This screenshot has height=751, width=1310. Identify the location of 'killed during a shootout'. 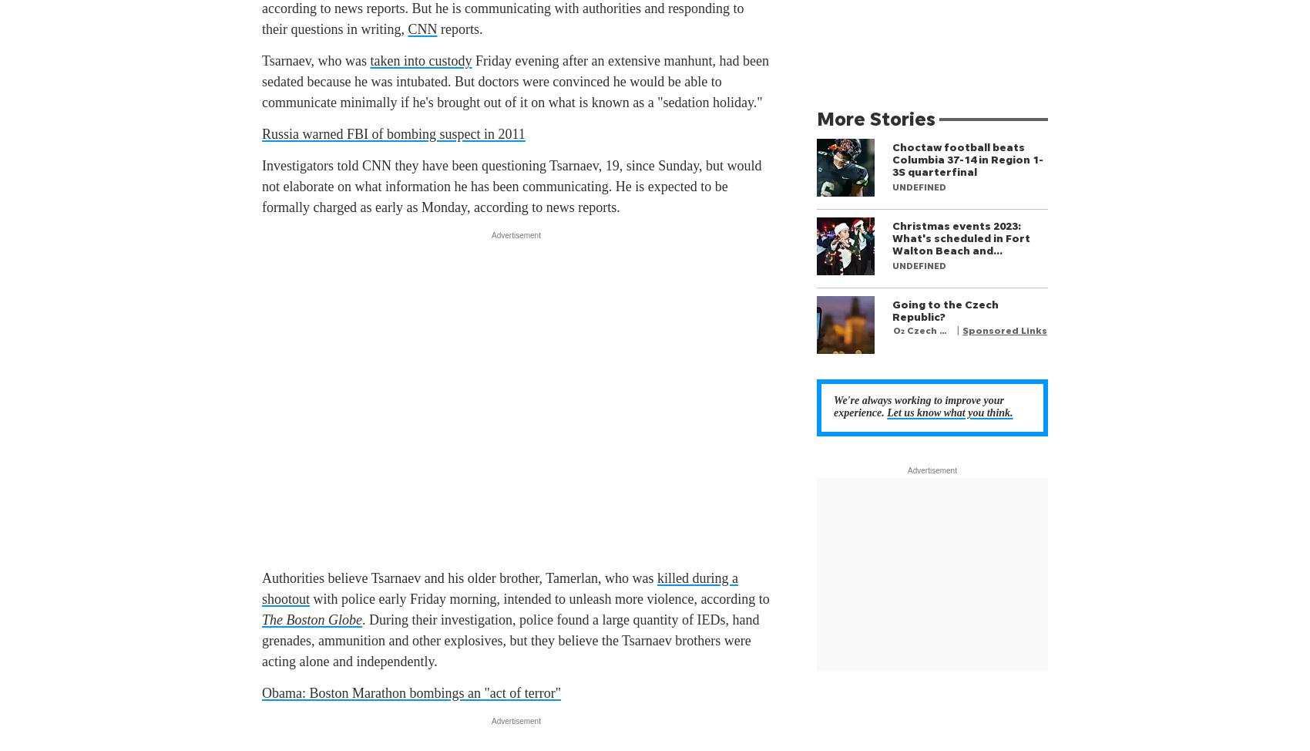
(499, 588).